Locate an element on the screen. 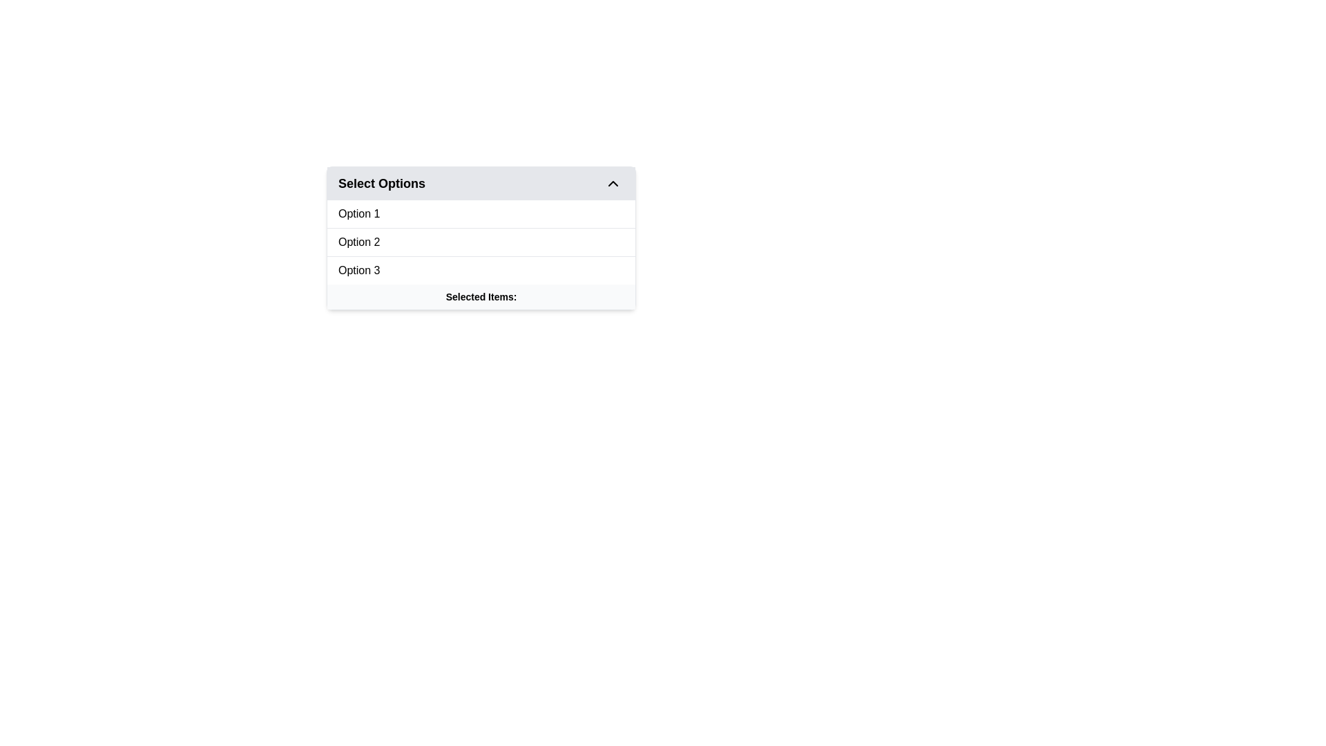 The width and height of the screenshot is (1326, 746). the second option ('Option 2') in the vertical list of three options is located at coordinates (481, 242).